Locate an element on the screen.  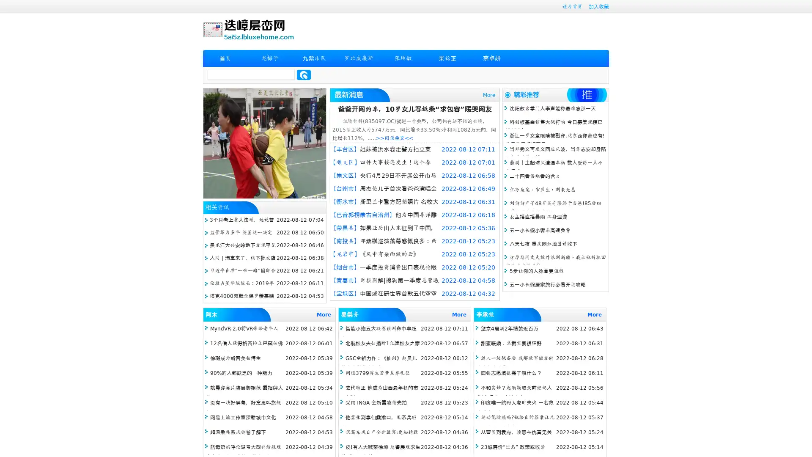
Search is located at coordinates (304, 74).